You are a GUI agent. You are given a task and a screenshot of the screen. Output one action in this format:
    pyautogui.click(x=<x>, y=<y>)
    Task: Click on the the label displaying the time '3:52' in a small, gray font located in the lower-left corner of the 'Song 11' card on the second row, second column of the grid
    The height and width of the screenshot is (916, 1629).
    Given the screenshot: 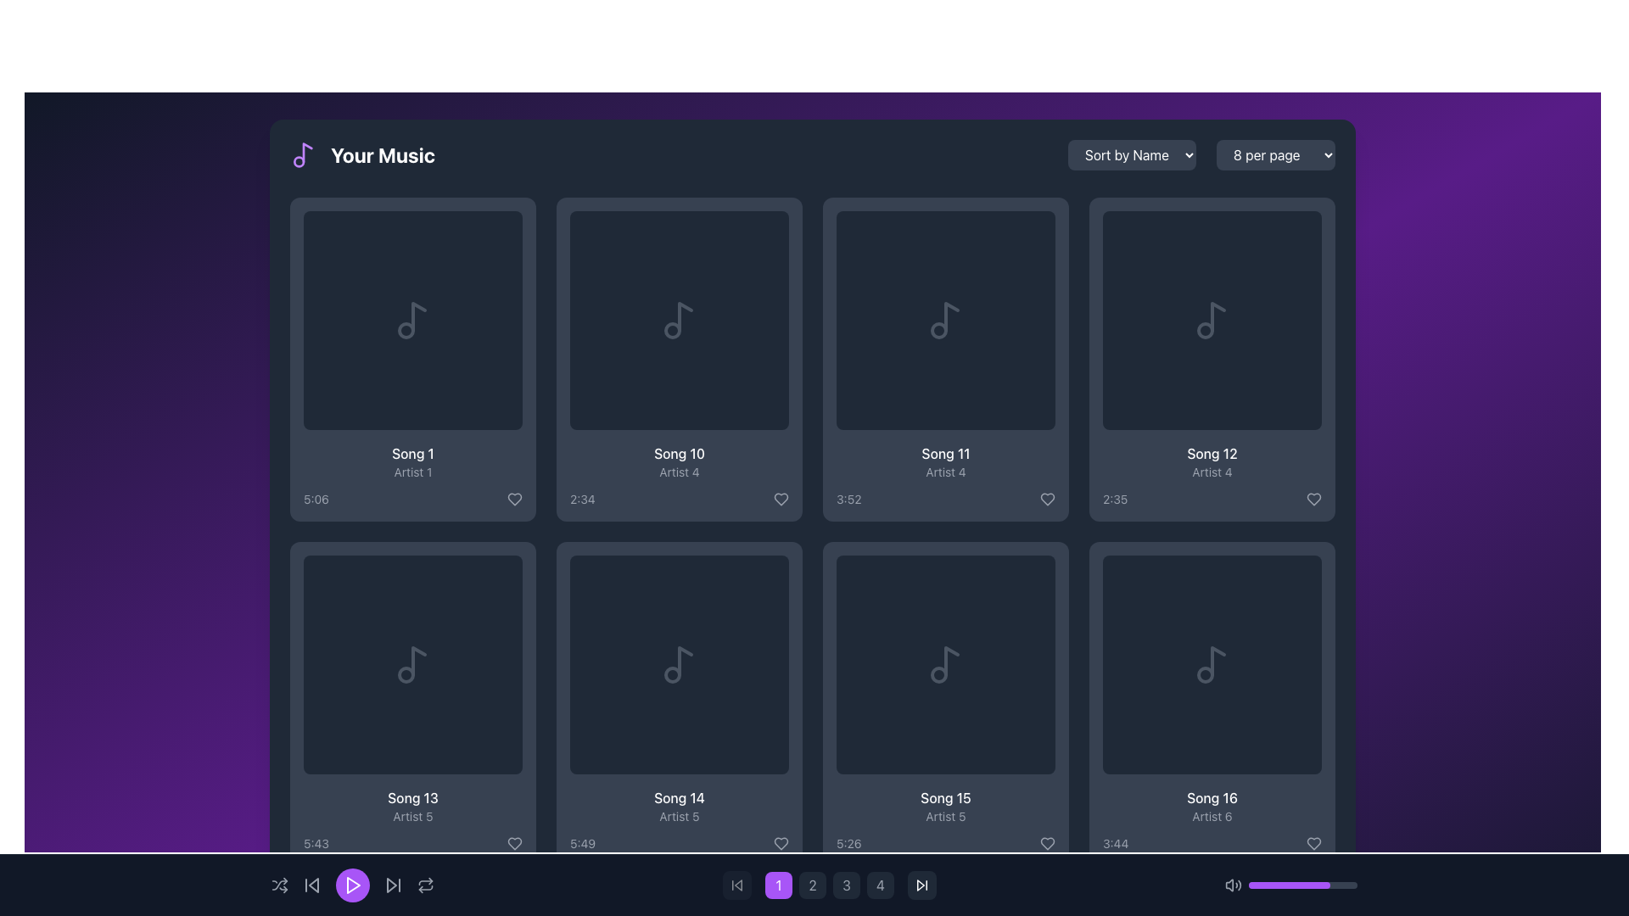 What is the action you would take?
    pyautogui.click(x=848, y=499)
    